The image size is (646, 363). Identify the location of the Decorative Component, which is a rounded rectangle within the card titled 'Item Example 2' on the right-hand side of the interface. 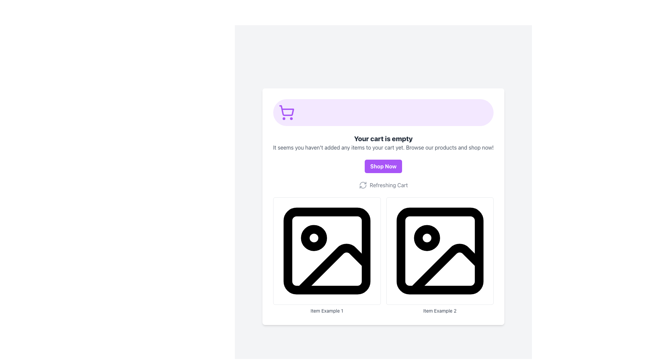
(440, 251).